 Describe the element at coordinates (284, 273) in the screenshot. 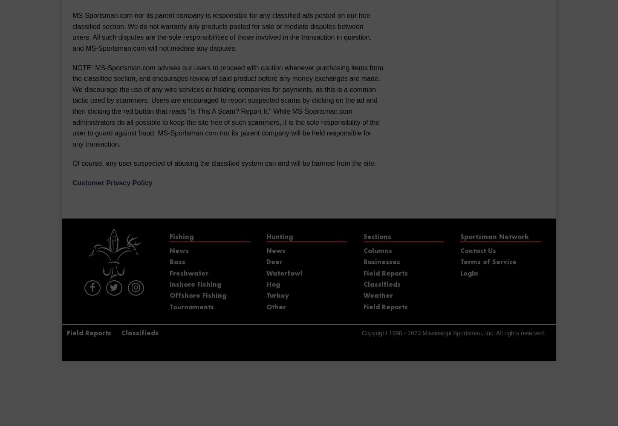

I see `'Waterfowl'` at that location.